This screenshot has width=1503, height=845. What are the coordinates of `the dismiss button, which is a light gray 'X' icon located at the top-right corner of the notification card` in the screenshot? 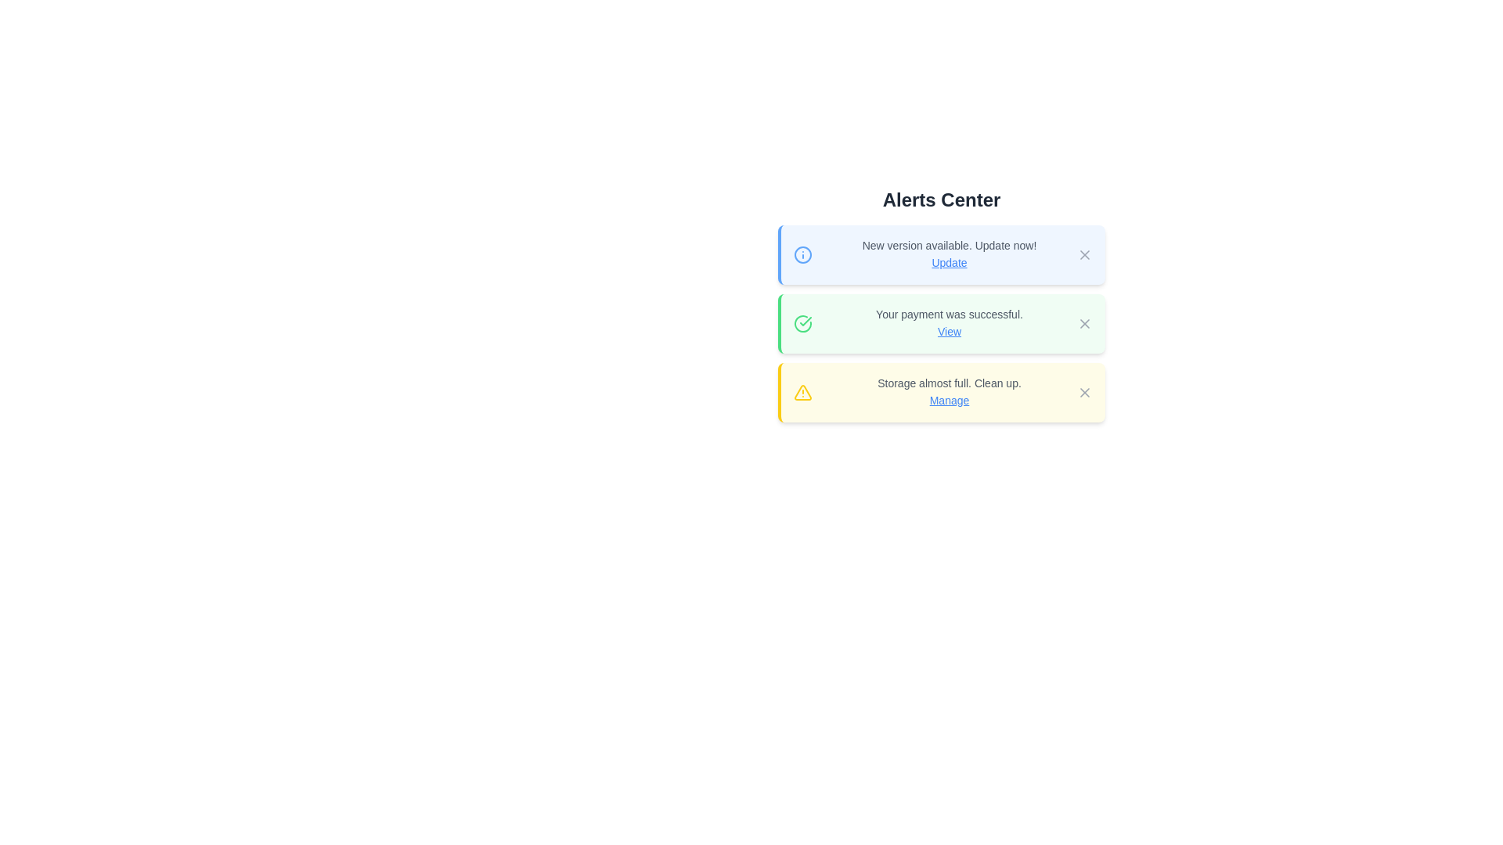 It's located at (1084, 254).